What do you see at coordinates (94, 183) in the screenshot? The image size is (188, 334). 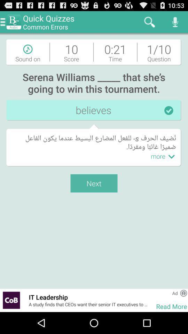 I see `the item above the it leadership item` at bounding box center [94, 183].